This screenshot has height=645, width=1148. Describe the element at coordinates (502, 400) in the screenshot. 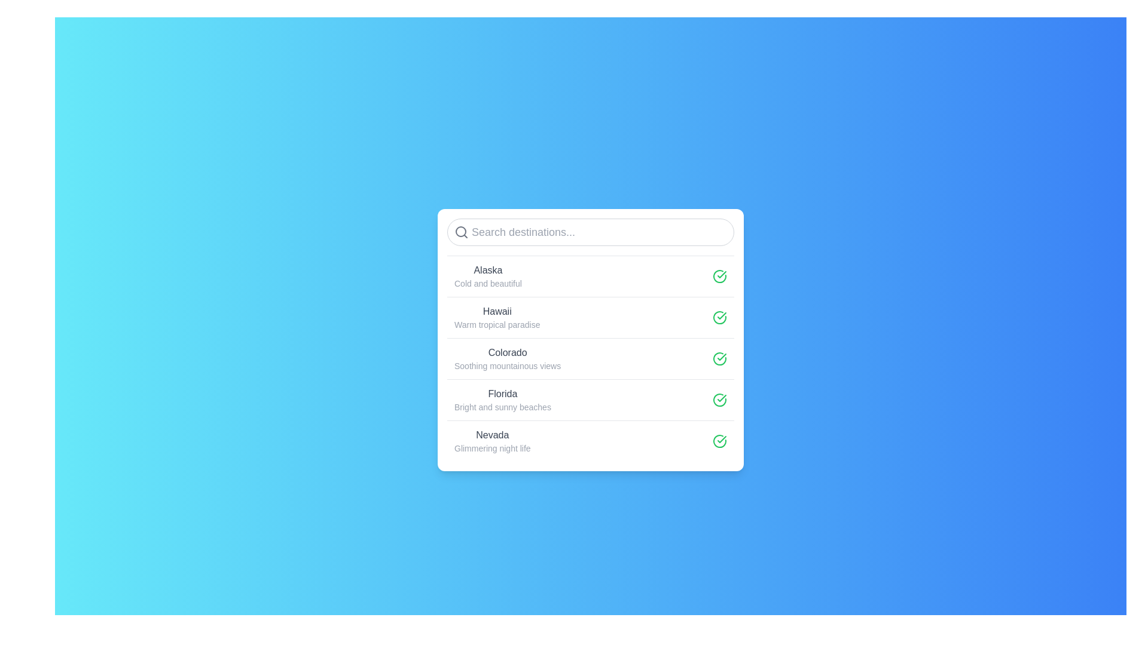

I see `the static informational text element that displays 'Florida' and 'Bright and sunny beaches', which is the fourth list item in the vertical stack` at that location.